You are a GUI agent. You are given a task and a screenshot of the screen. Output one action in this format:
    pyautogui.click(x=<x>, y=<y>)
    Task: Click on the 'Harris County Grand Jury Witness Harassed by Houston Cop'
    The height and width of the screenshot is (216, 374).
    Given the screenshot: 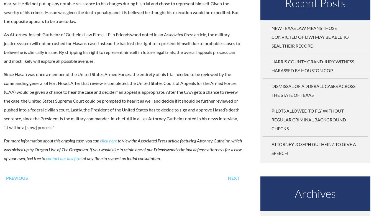 What is the action you would take?
    pyautogui.click(x=312, y=65)
    